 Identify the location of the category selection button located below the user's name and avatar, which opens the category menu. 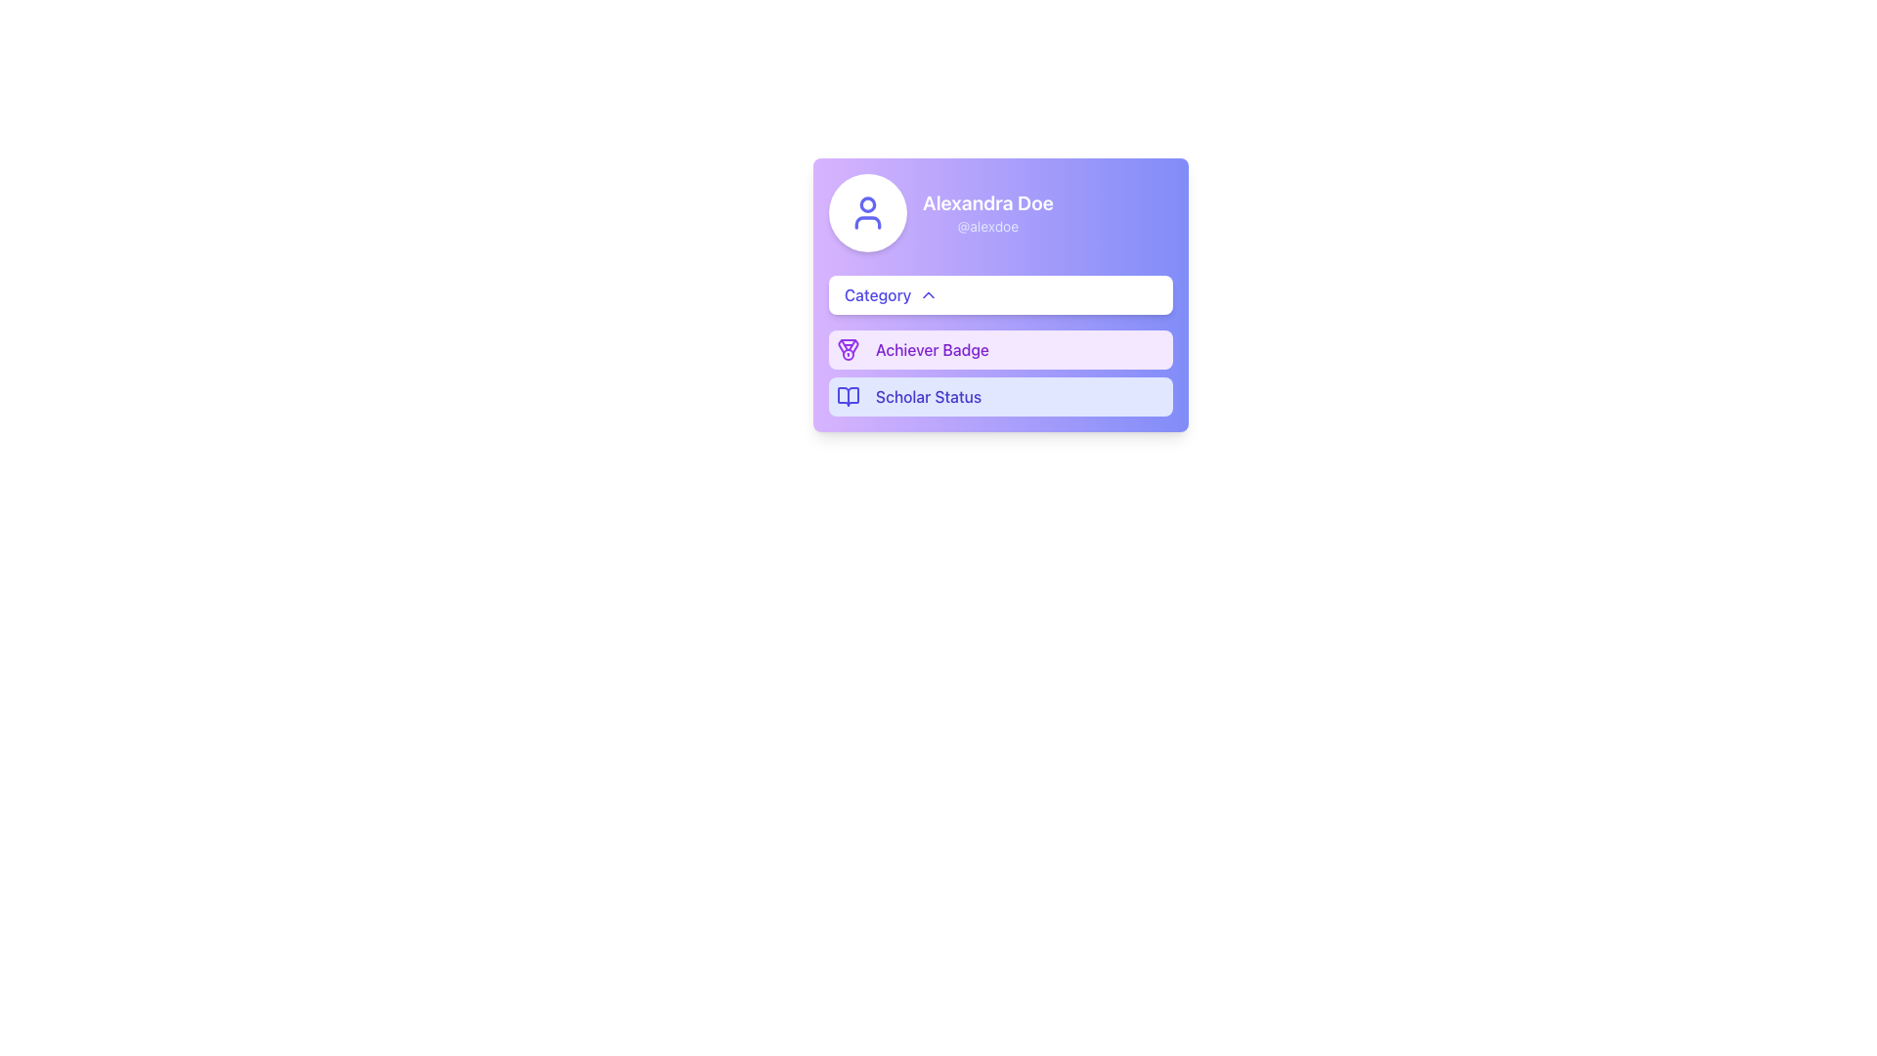
(1000, 294).